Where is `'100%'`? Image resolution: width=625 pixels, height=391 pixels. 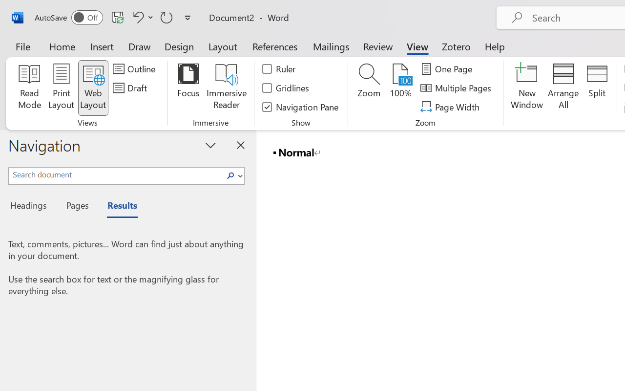
'100%' is located at coordinates (401, 87).